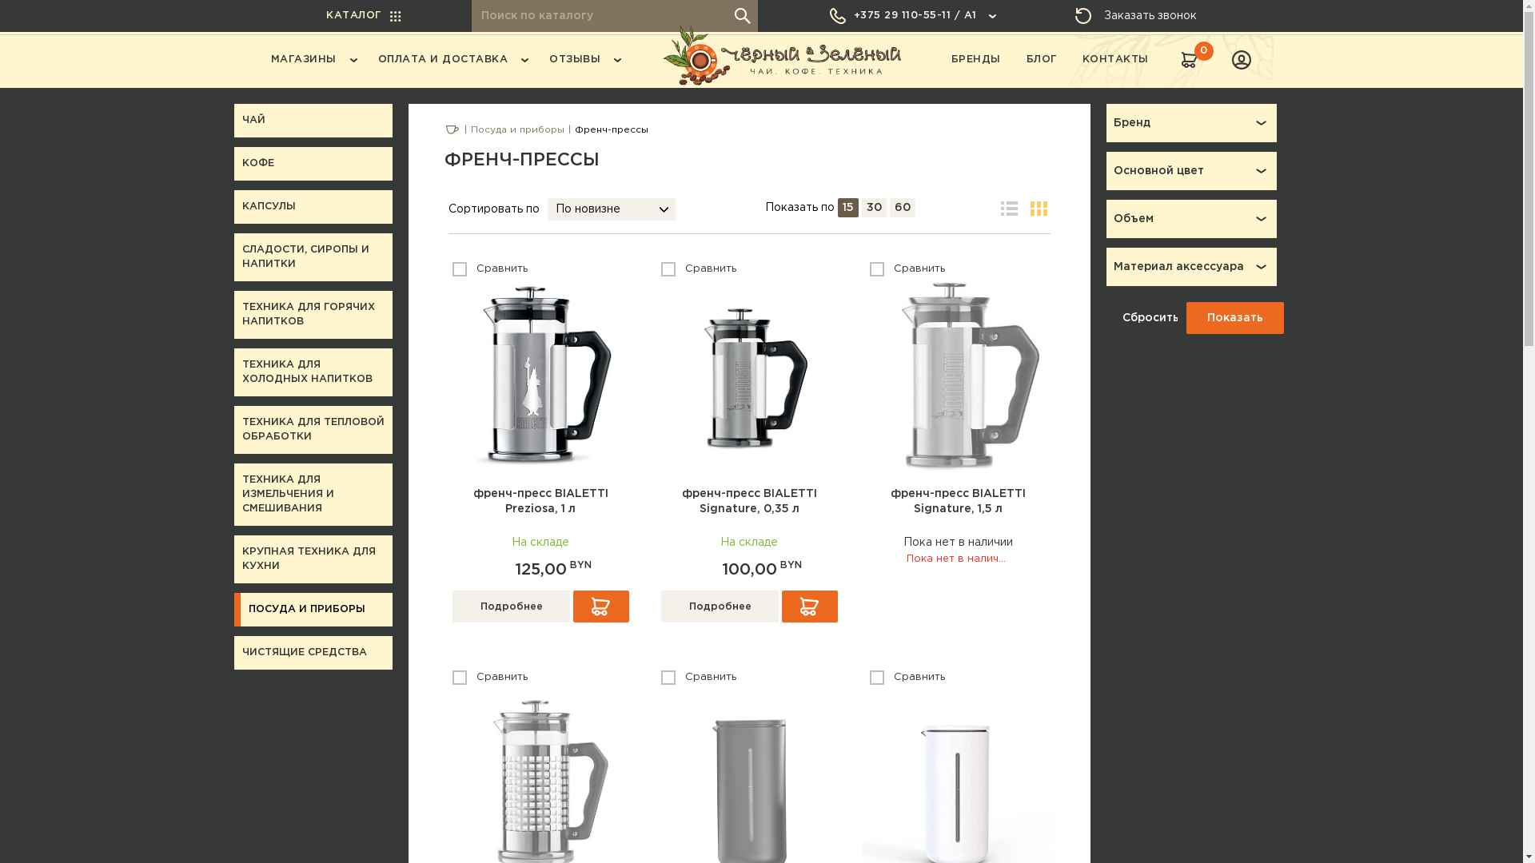 The width and height of the screenshot is (1535, 863). Describe the element at coordinates (1189, 58) in the screenshot. I see `'0'` at that location.